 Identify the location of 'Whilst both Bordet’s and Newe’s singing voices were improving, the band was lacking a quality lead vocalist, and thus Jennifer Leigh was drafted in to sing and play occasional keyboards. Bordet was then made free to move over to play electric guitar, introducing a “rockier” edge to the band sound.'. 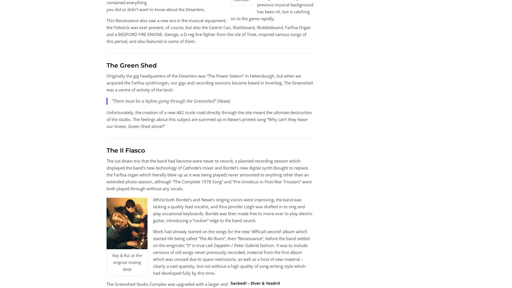
(233, 210).